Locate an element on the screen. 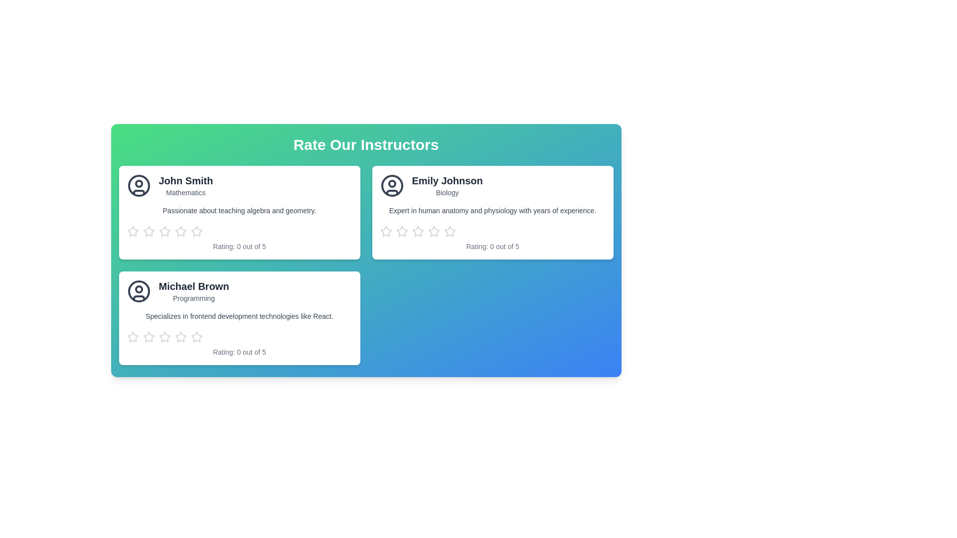  the fifth star icon button is located at coordinates (196, 232).